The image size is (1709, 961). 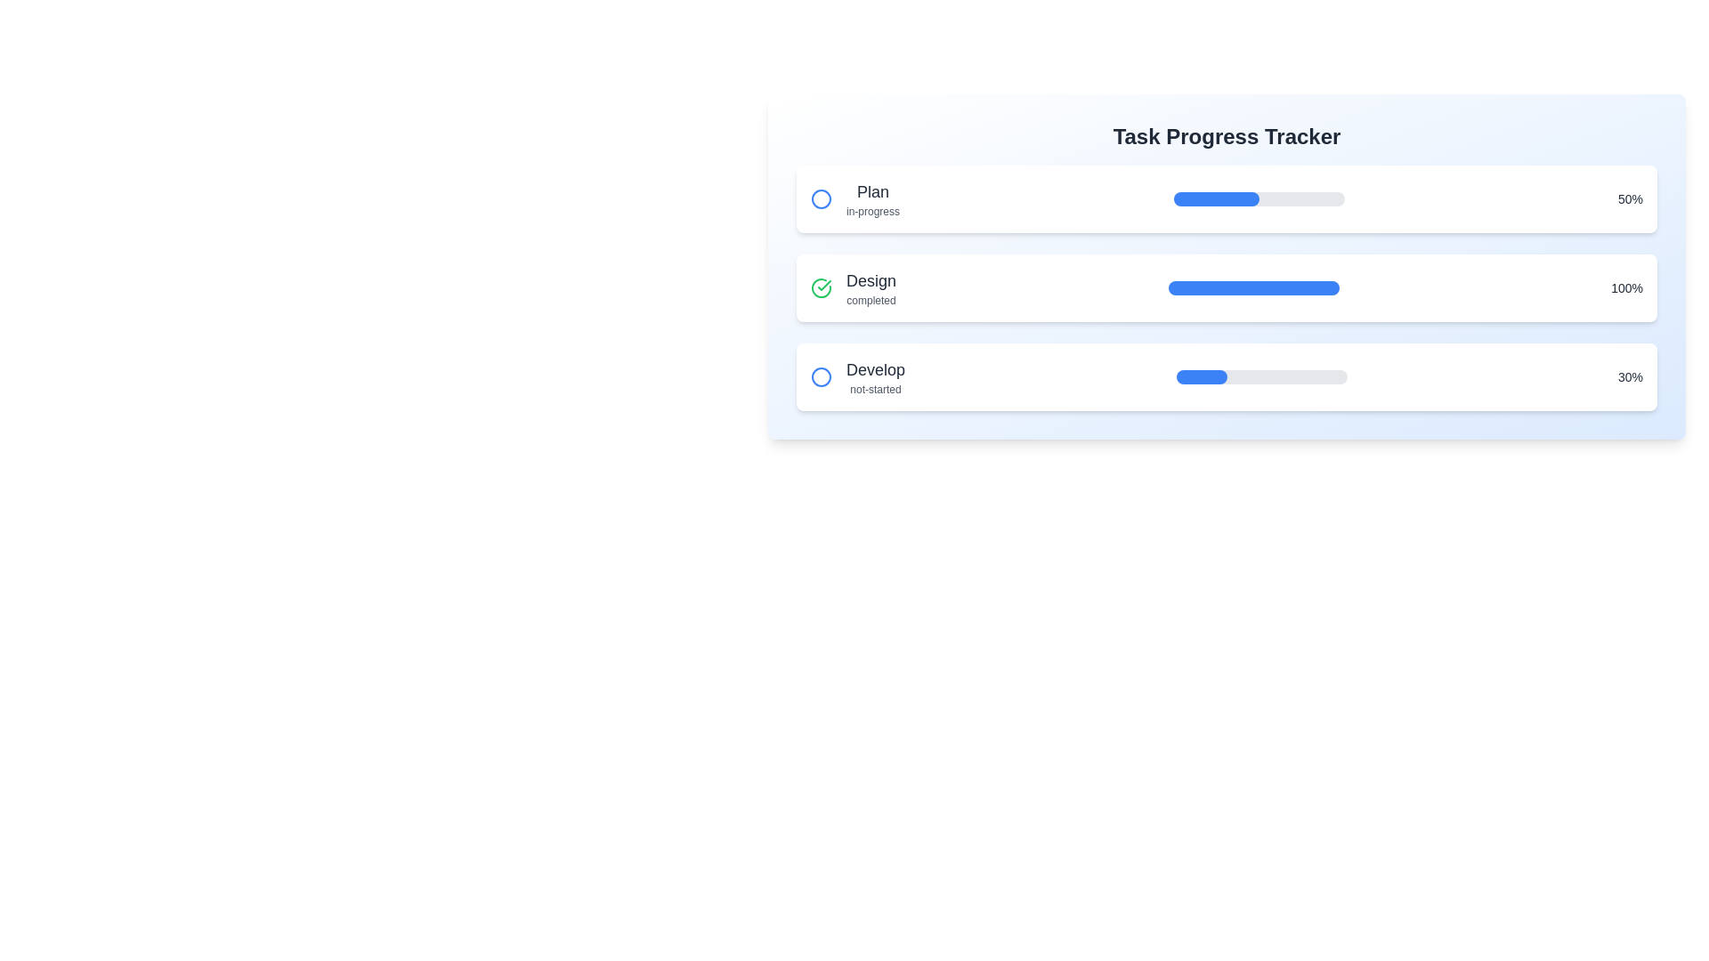 I want to click on the static text label displaying the task name 'Design' and its completion status 'completed' in the Task Progress Tracker interface, so click(x=871, y=287).